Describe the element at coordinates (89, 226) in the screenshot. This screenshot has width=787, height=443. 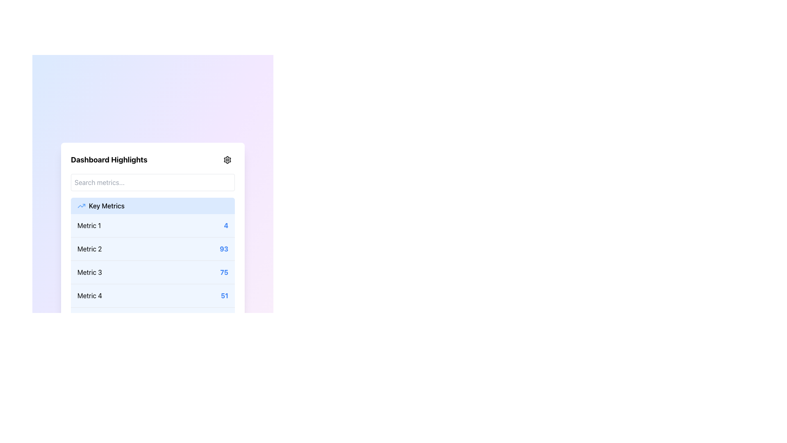
I see `the text label in the 'Key Metrics' section that identifies the associated metric value '4'` at that location.